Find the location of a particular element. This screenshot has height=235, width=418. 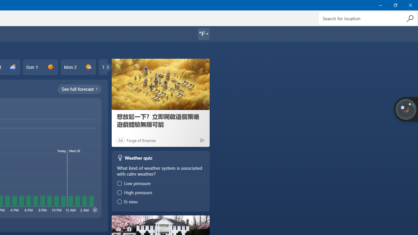

'Search' is located at coordinates (410, 18).